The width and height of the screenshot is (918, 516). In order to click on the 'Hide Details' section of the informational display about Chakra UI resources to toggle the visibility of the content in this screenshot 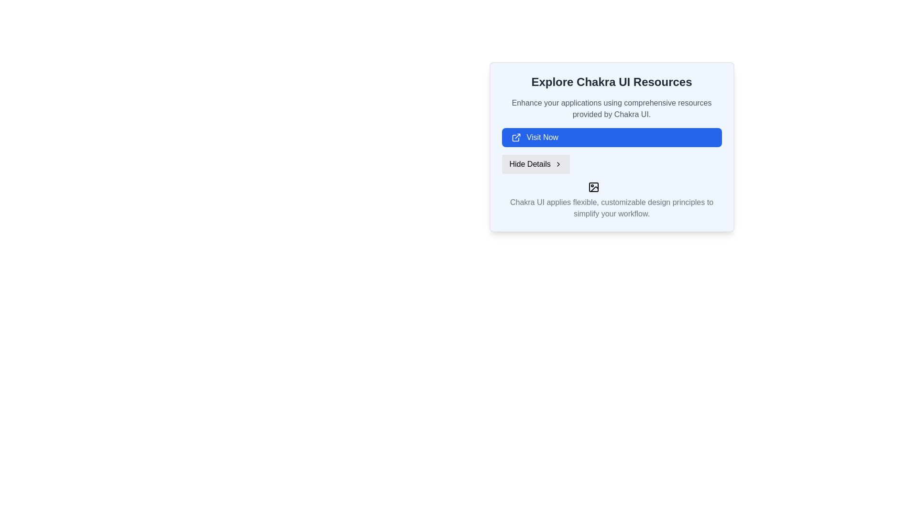, I will do `click(611, 158)`.